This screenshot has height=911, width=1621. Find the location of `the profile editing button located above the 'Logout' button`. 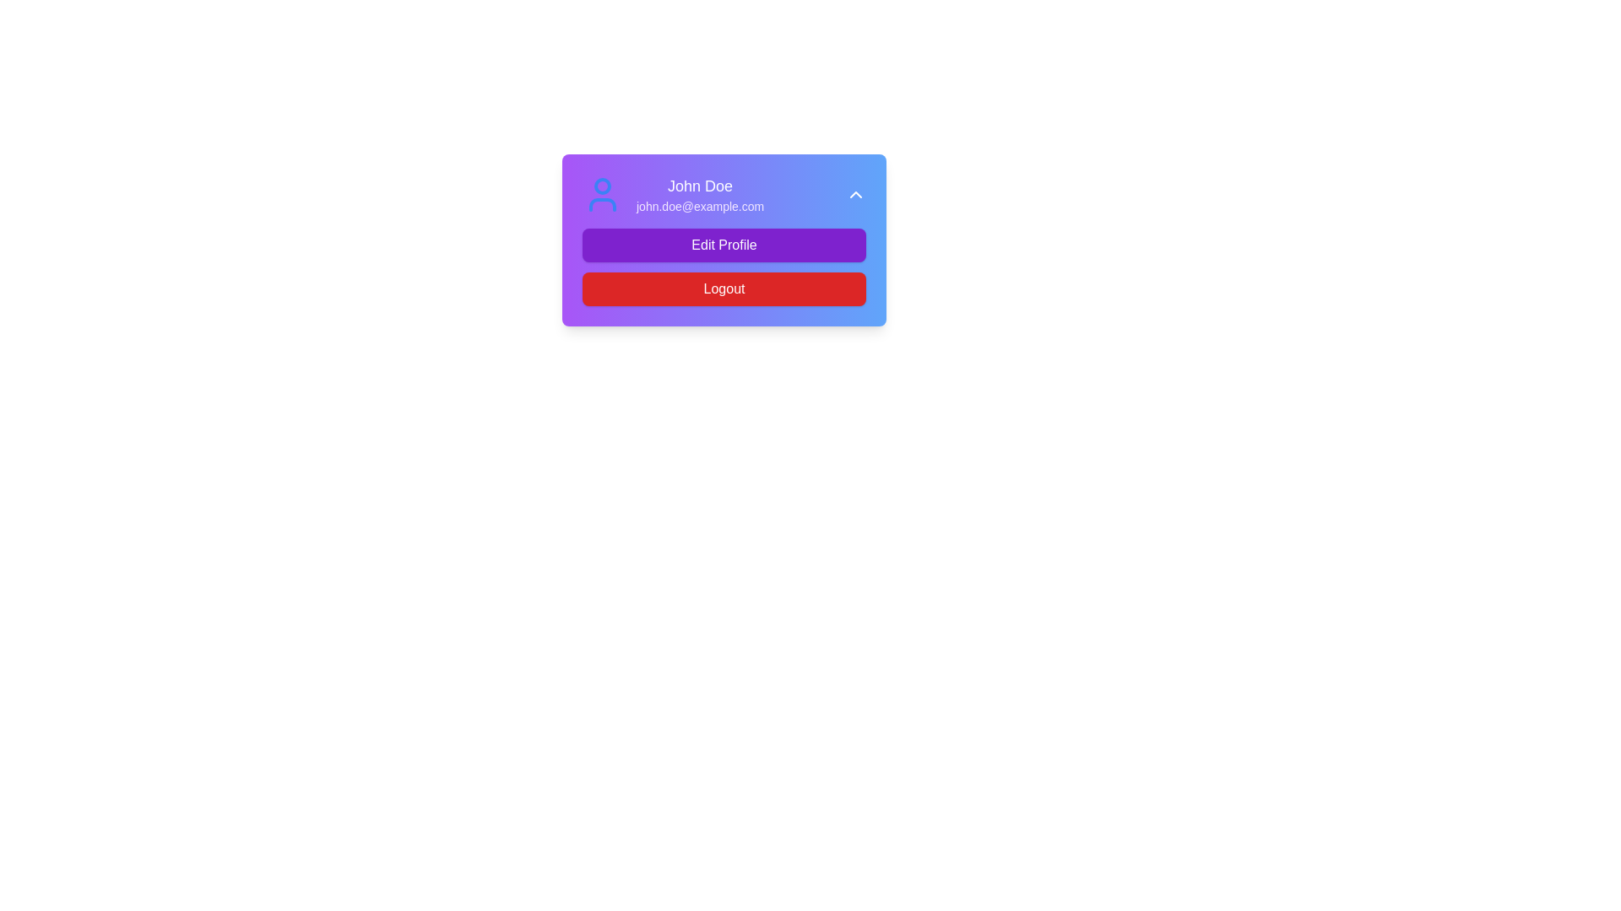

the profile editing button located above the 'Logout' button is located at coordinates (724, 245).